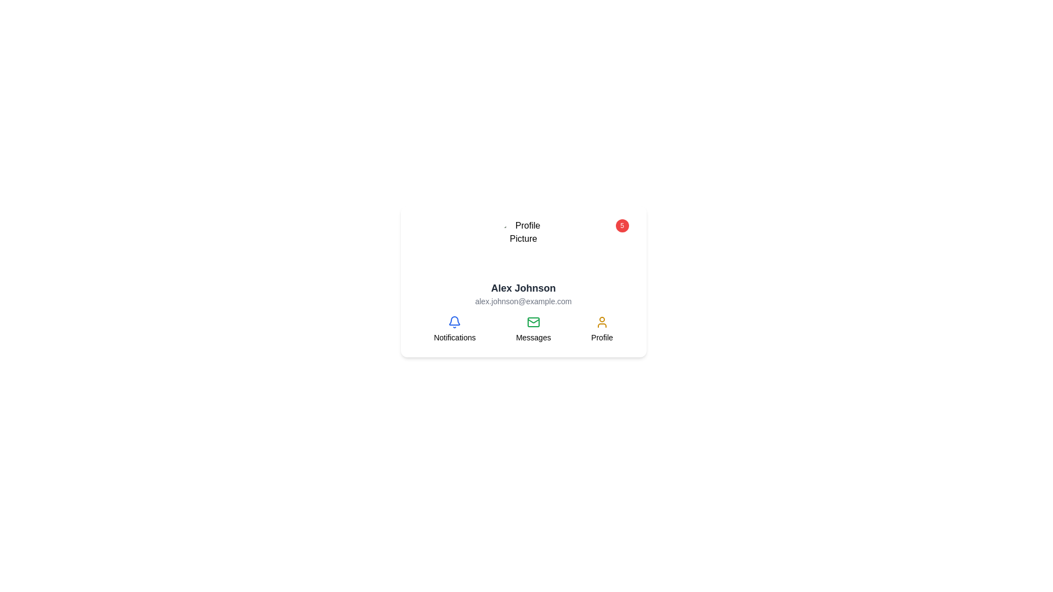 This screenshot has height=592, width=1053. What do you see at coordinates (523, 287) in the screenshot?
I see `the text 'Alex Johnson', which is styled with a bold and larger font size, positioned centrally under the profile picture and above the email address` at bounding box center [523, 287].